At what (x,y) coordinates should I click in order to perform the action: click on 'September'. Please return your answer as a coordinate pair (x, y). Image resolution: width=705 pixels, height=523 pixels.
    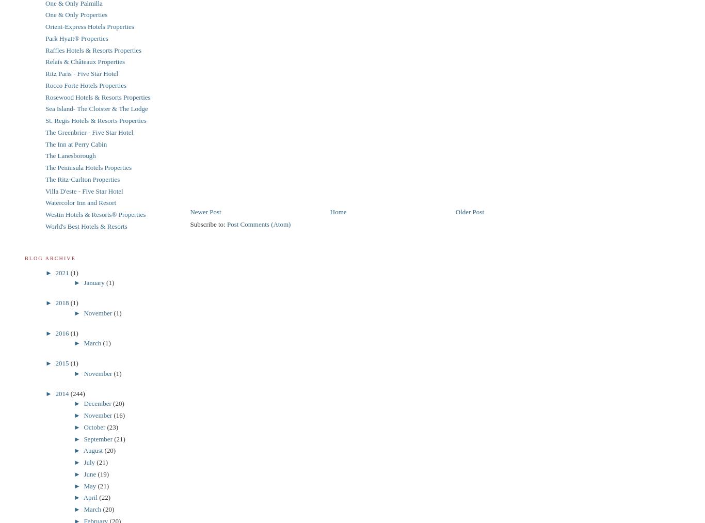
    Looking at the image, I should click on (98, 438).